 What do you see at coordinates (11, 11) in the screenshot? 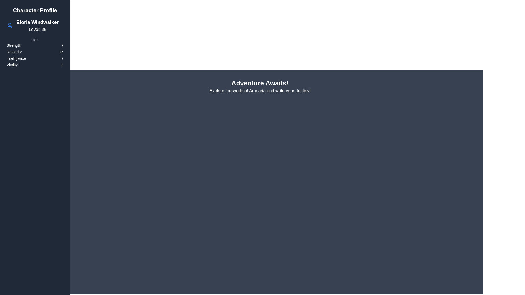
I see `top-left button to toggle the drawer visibility` at bounding box center [11, 11].